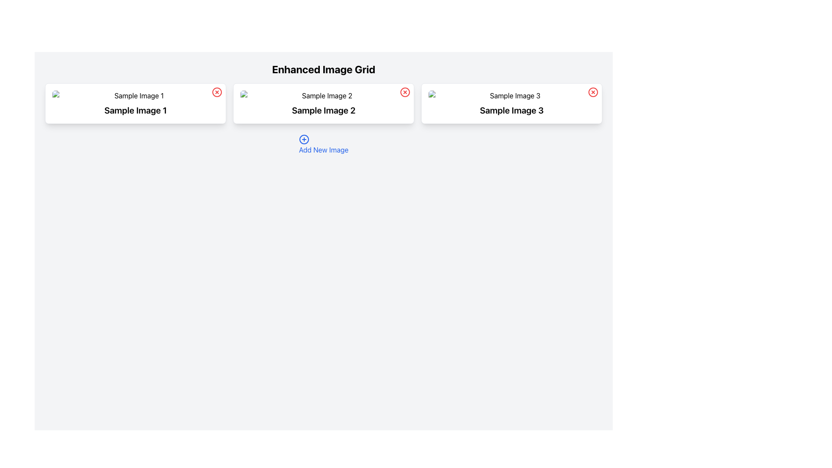  Describe the element at coordinates (135, 103) in the screenshot. I see `the first card in the grid that visually represents the item labeled 'Sample Image 1'` at that location.